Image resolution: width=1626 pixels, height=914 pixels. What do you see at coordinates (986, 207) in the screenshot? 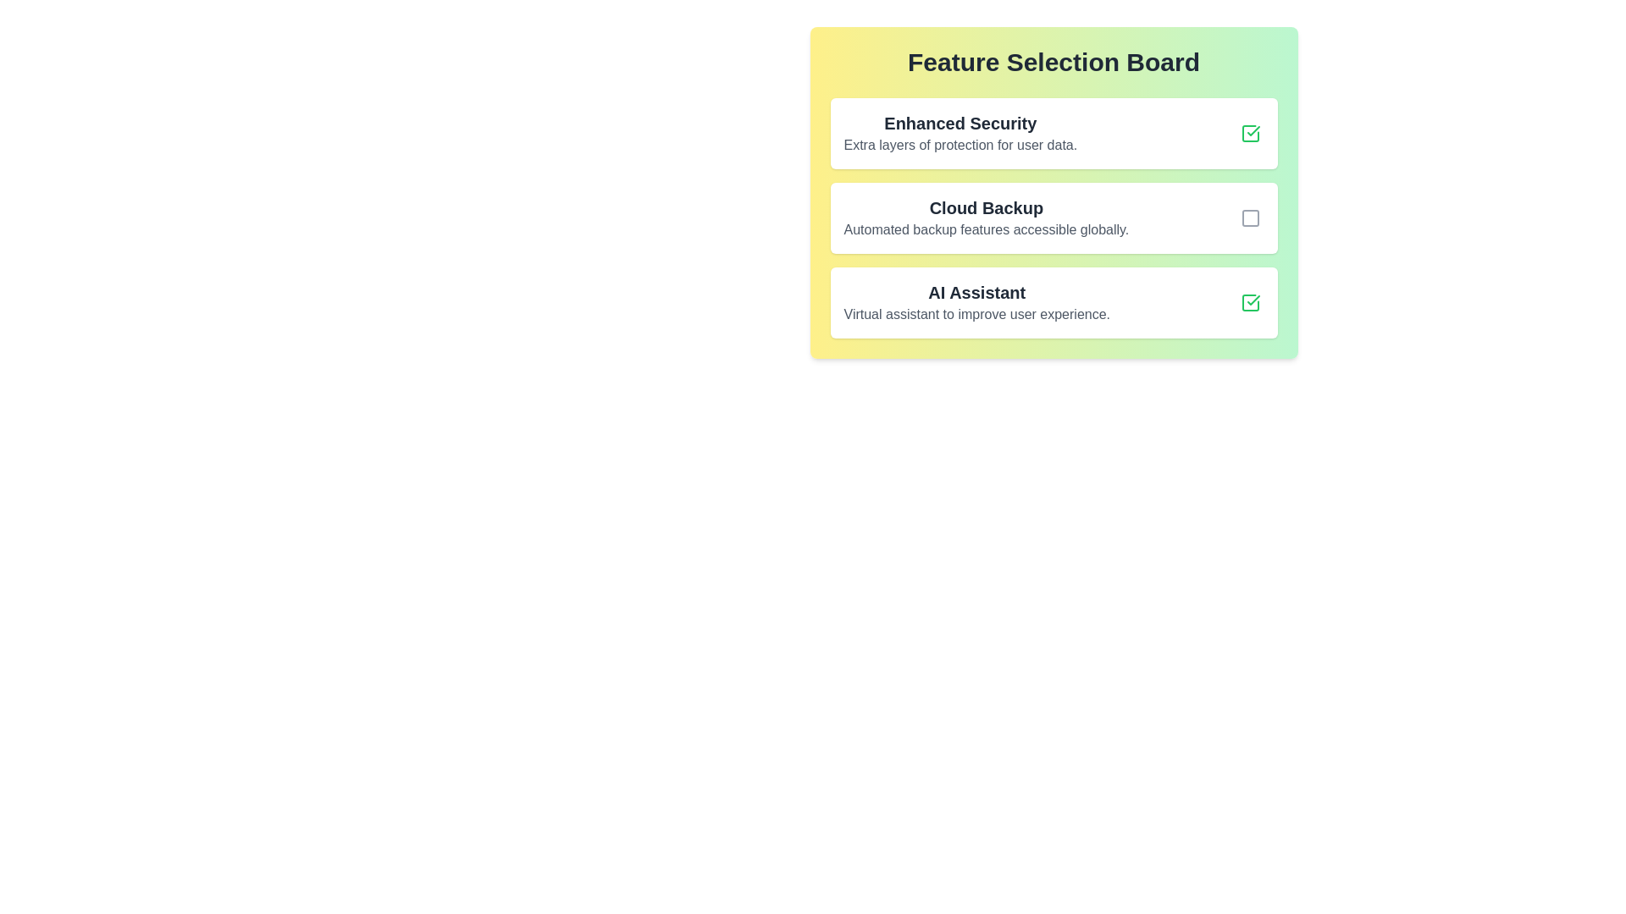
I see `the Text Label that serves as the title for the second section of the feature selection list, which identifies the associated feature and is positioned above its description text and to the left of an interactive checkbox` at bounding box center [986, 207].